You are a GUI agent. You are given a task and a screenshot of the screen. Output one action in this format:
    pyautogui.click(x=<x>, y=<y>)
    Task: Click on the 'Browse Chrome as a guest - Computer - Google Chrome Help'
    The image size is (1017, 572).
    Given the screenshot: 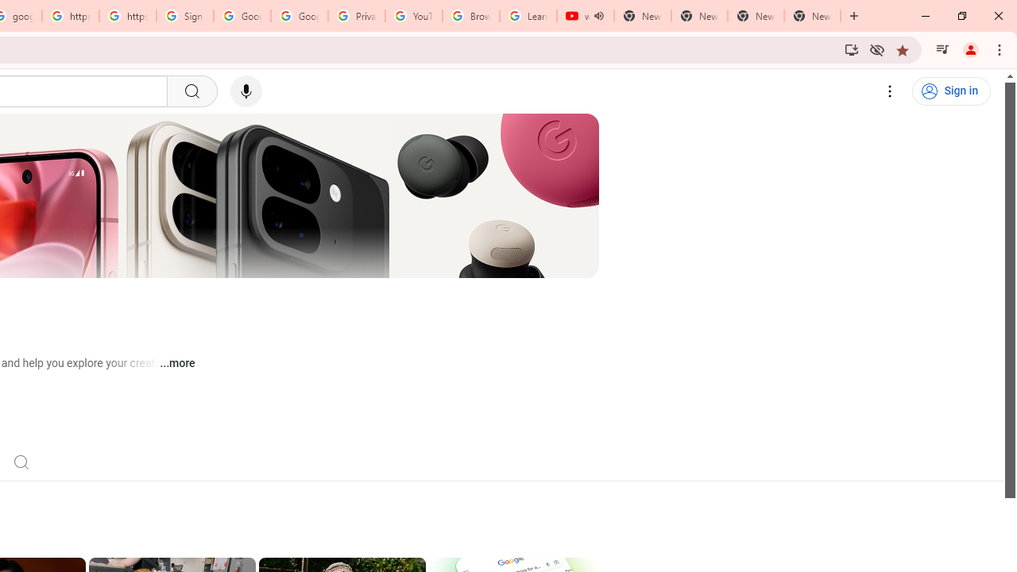 What is the action you would take?
    pyautogui.click(x=470, y=16)
    